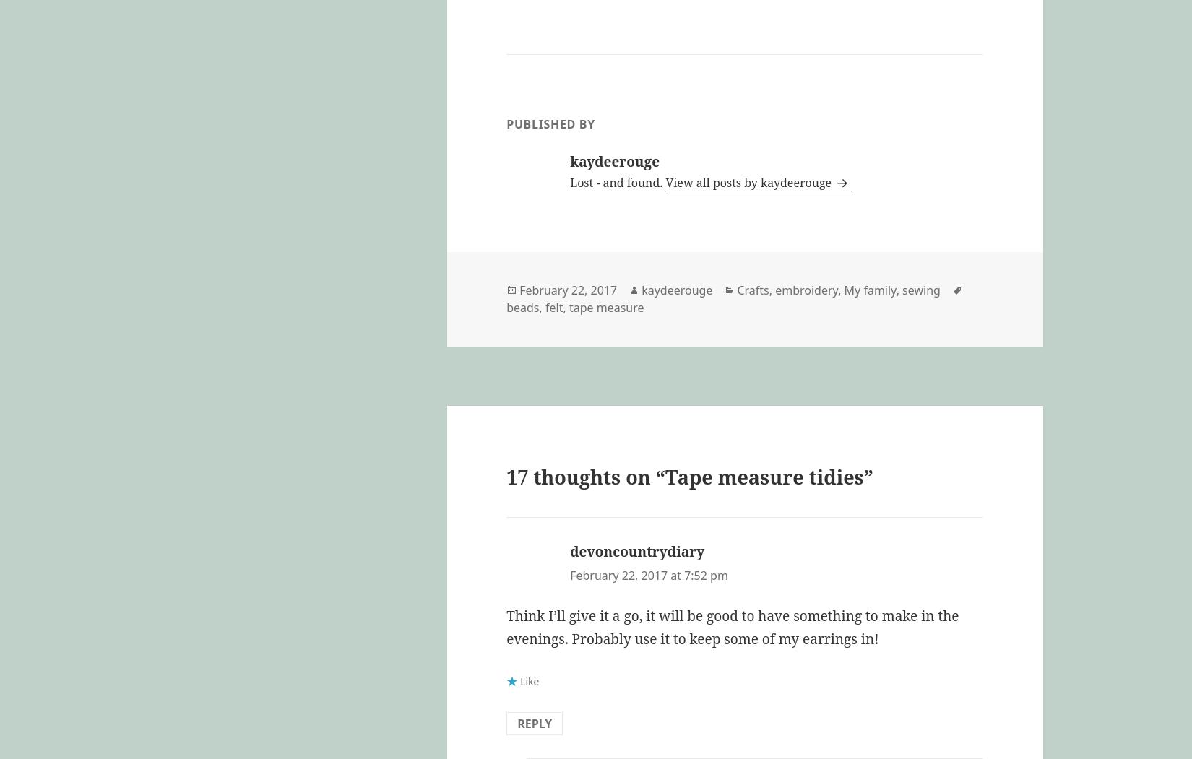 This screenshot has height=759, width=1192. Describe the element at coordinates (618, 182) in the screenshot. I see `'Lost - and found.'` at that location.